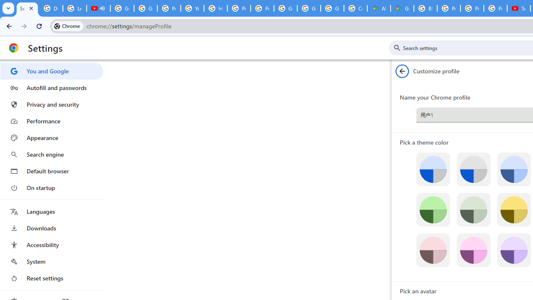 The image size is (533, 300). What do you see at coordinates (51, 171) in the screenshot?
I see `'Default browser'` at bounding box center [51, 171].